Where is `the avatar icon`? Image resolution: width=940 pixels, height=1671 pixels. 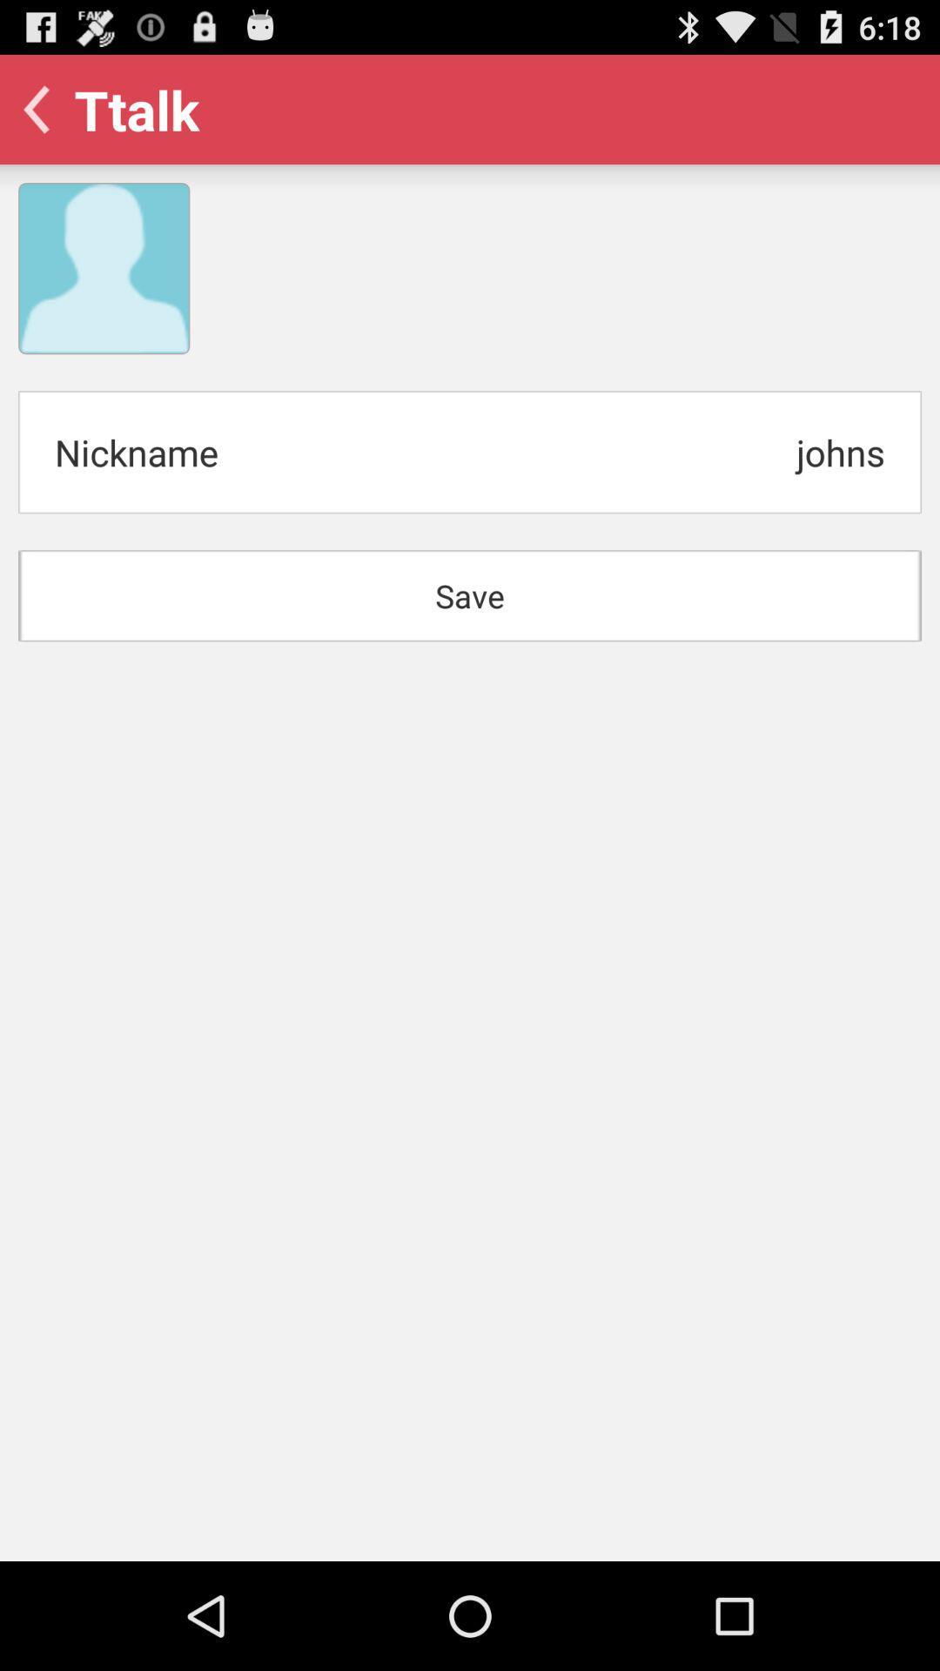 the avatar icon is located at coordinates (104, 287).